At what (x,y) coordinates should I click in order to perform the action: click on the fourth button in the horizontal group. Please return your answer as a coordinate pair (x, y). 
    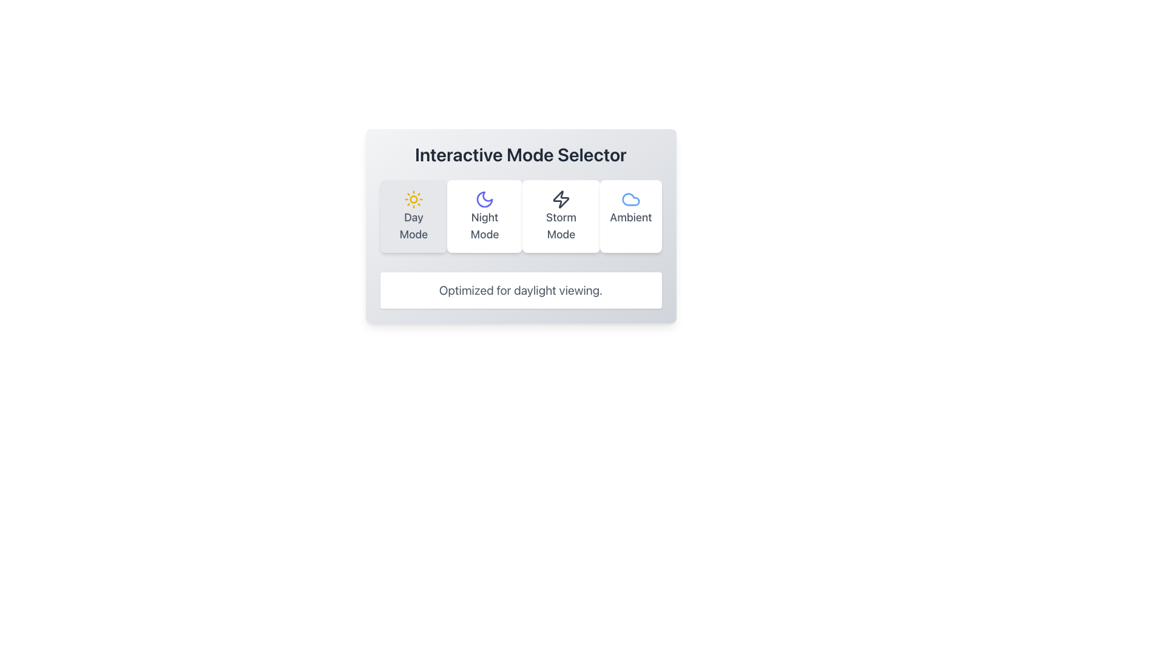
    Looking at the image, I should click on (630, 216).